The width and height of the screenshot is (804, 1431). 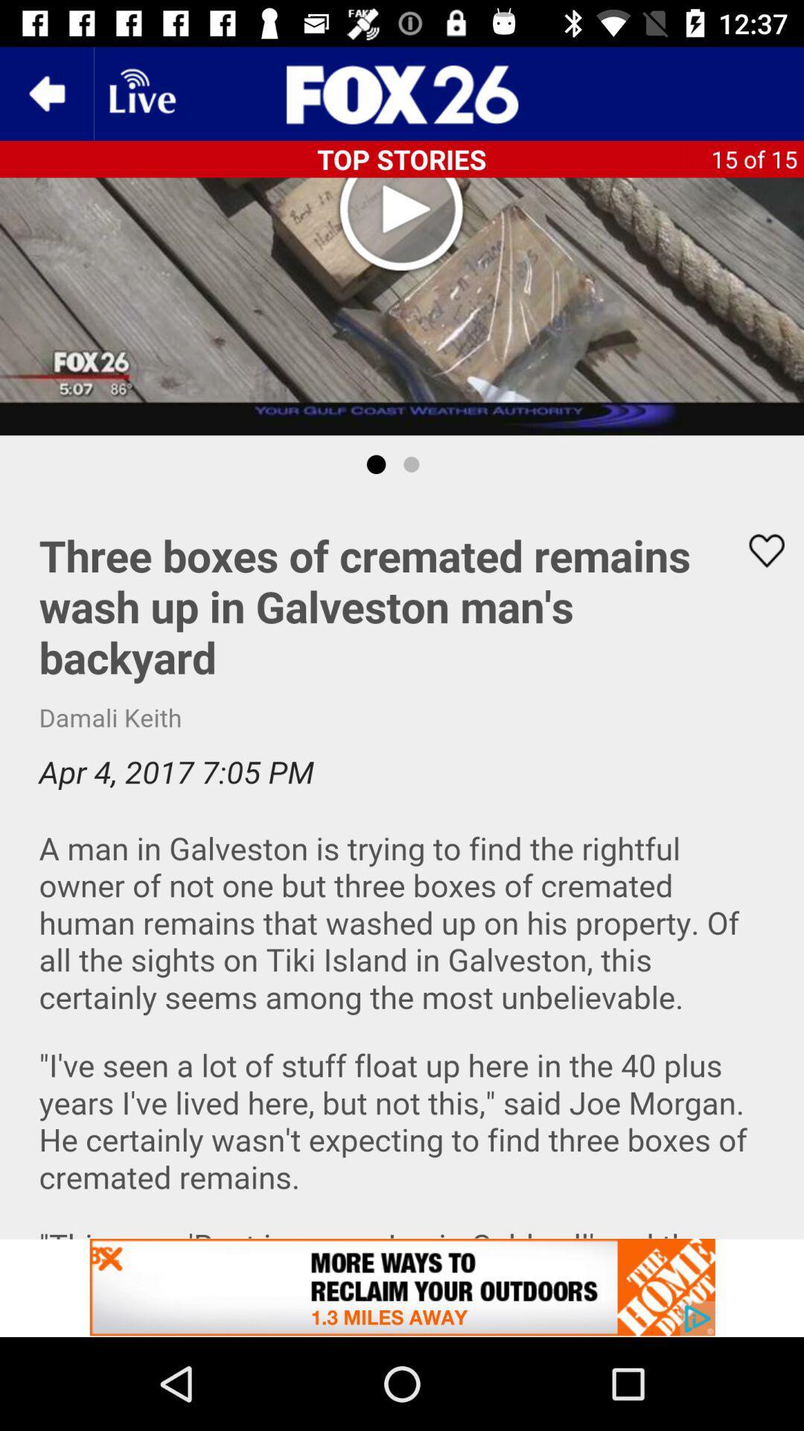 I want to click on the favorite icon, so click(x=757, y=550).